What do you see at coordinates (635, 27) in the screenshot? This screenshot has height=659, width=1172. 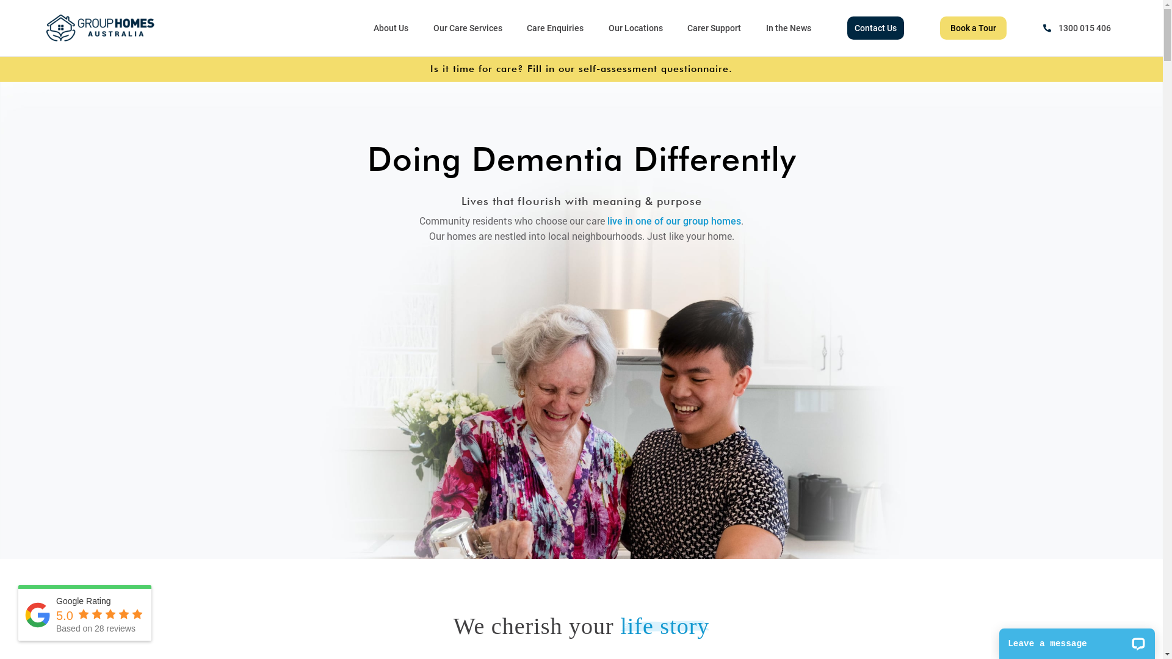 I see `'Our Locations'` at bounding box center [635, 27].